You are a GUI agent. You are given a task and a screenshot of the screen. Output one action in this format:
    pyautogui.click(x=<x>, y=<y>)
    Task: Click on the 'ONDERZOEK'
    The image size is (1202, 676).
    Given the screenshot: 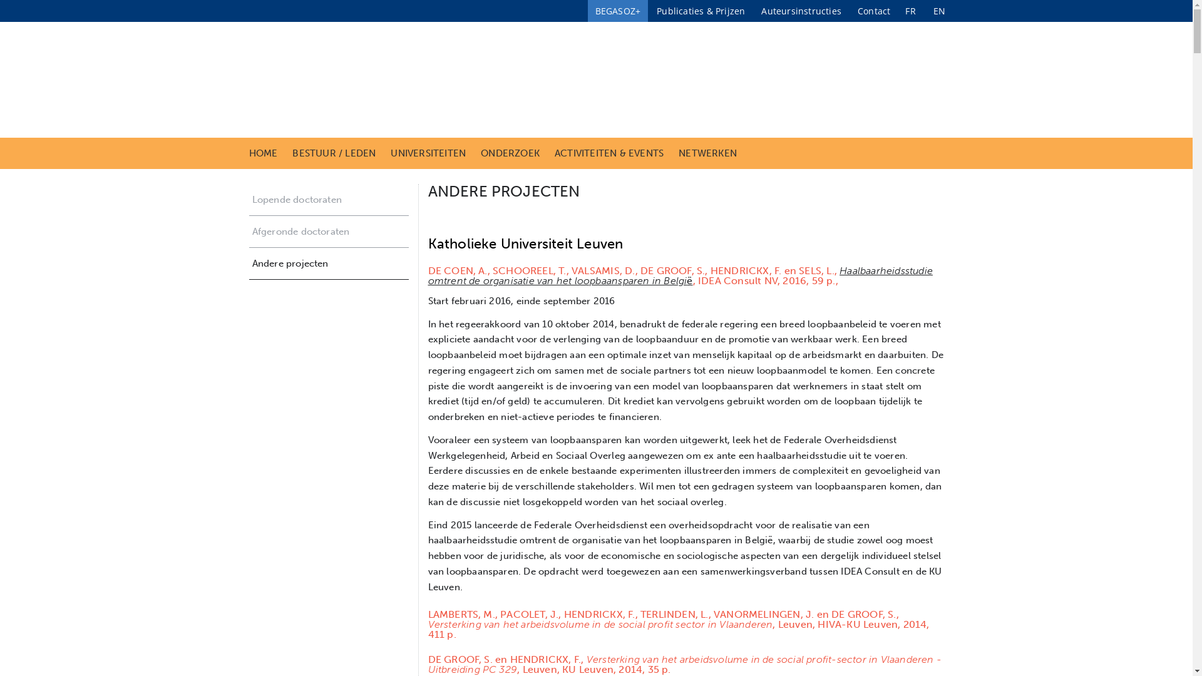 What is the action you would take?
    pyautogui.click(x=510, y=153)
    